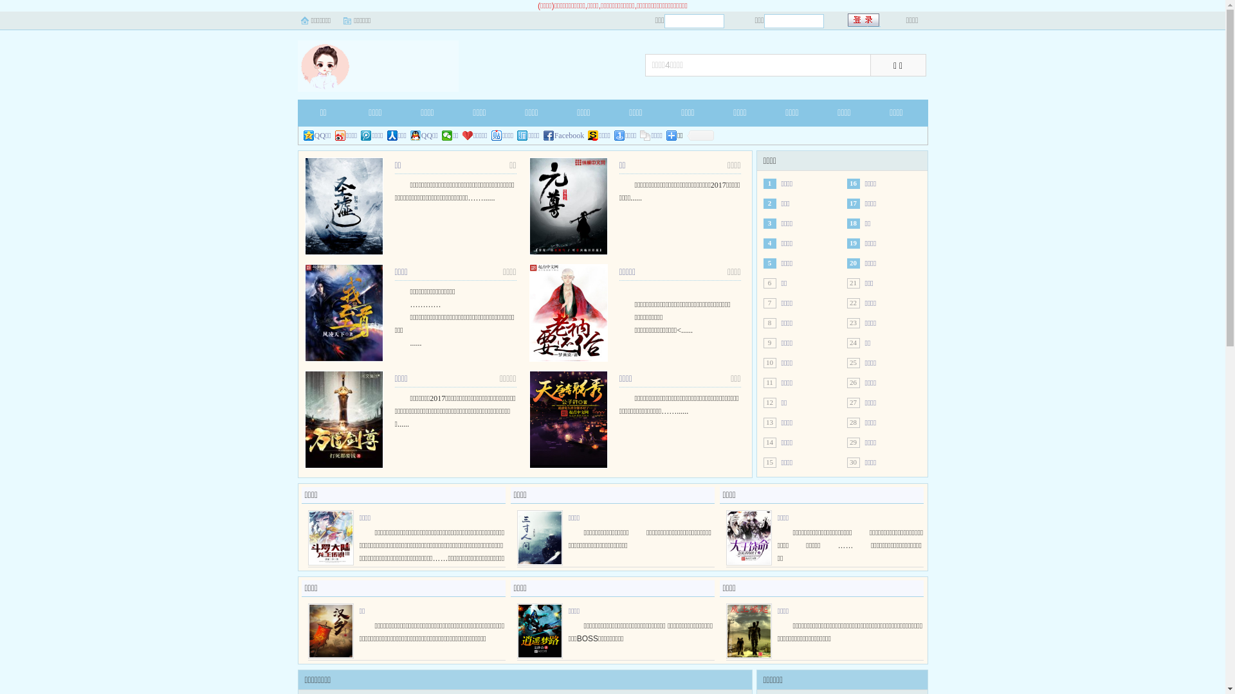 Image resolution: width=1235 pixels, height=694 pixels. I want to click on 'Facebook', so click(564, 136).